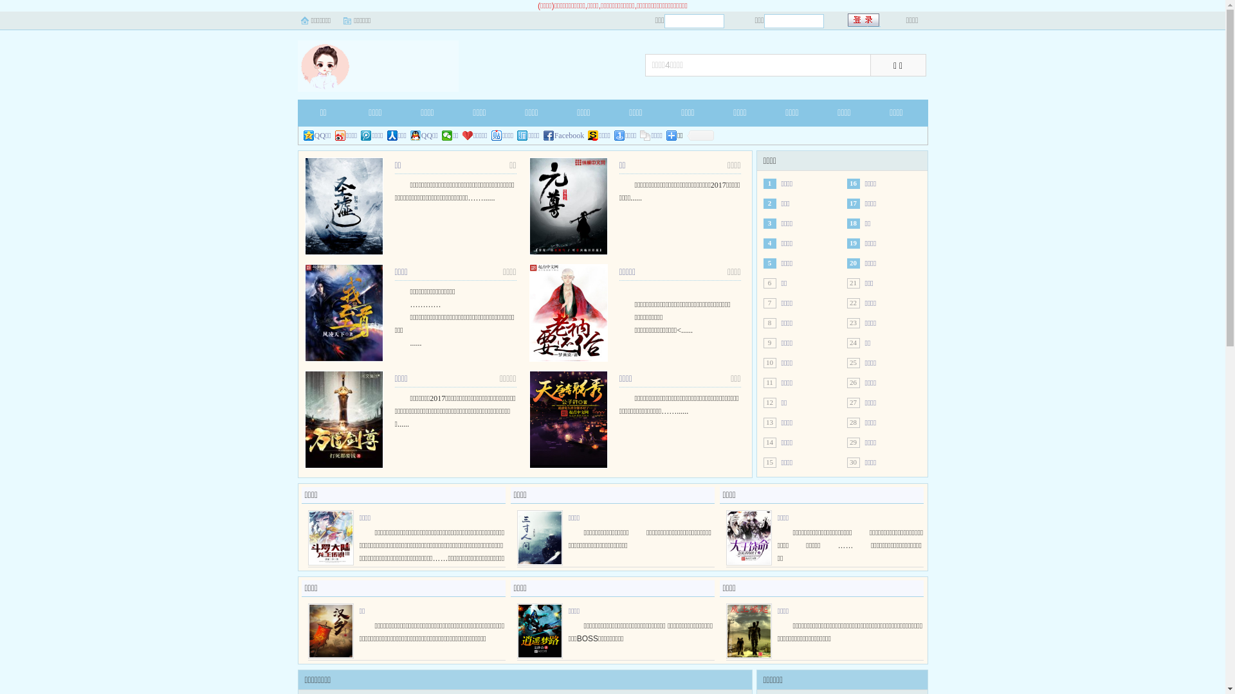 Image resolution: width=1235 pixels, height=694 pixels. I want to click on 'Facebook', so click(564, 136).